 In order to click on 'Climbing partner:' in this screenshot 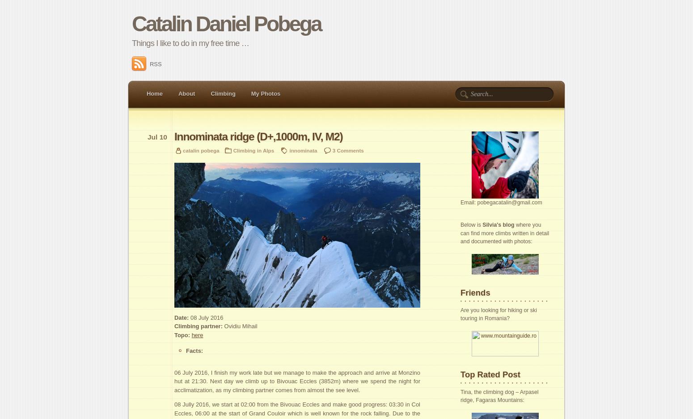, I will do `click(174, 326)`.